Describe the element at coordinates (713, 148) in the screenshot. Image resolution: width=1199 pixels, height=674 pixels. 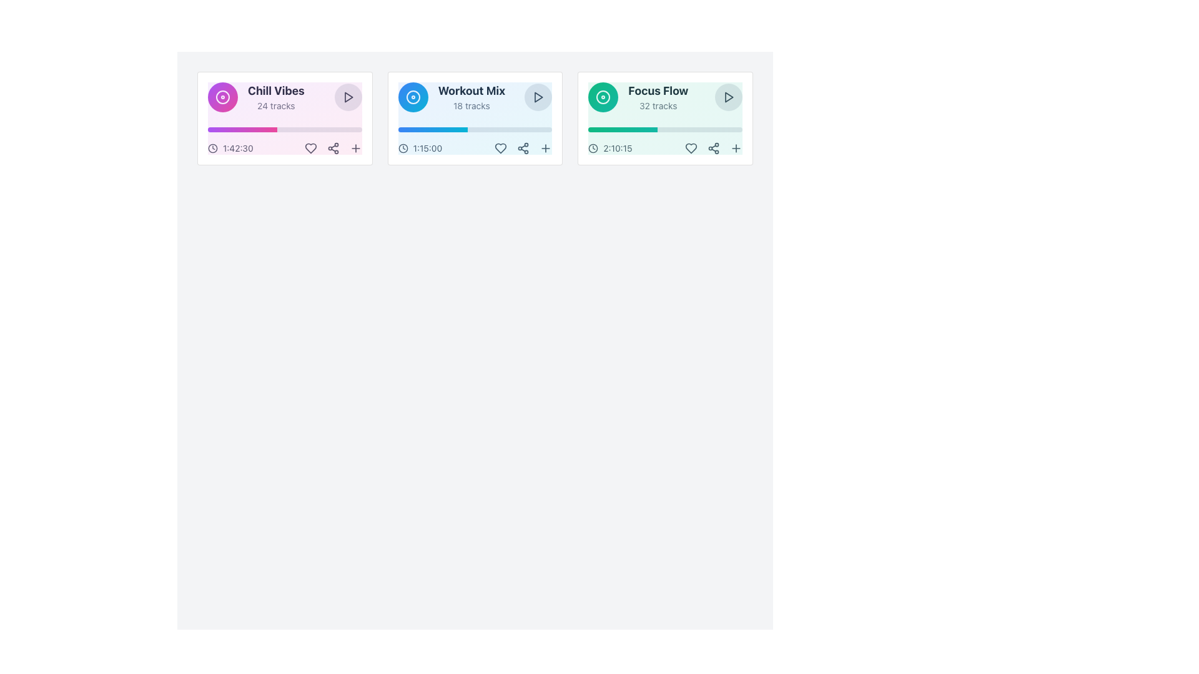
I see `the Interactive icon resembling a network of interconnected nodes, located in the bottom row of the third card from the left` at that location.